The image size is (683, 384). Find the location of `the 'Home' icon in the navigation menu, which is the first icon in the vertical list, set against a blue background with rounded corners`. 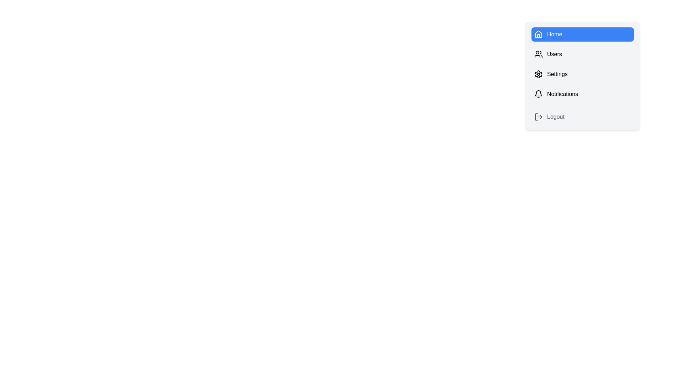

the 'Home' icon in the navigation menu, which is the first icon in the vertical list, set against a blue background with rounded corners is located at coordinates (538, 34).